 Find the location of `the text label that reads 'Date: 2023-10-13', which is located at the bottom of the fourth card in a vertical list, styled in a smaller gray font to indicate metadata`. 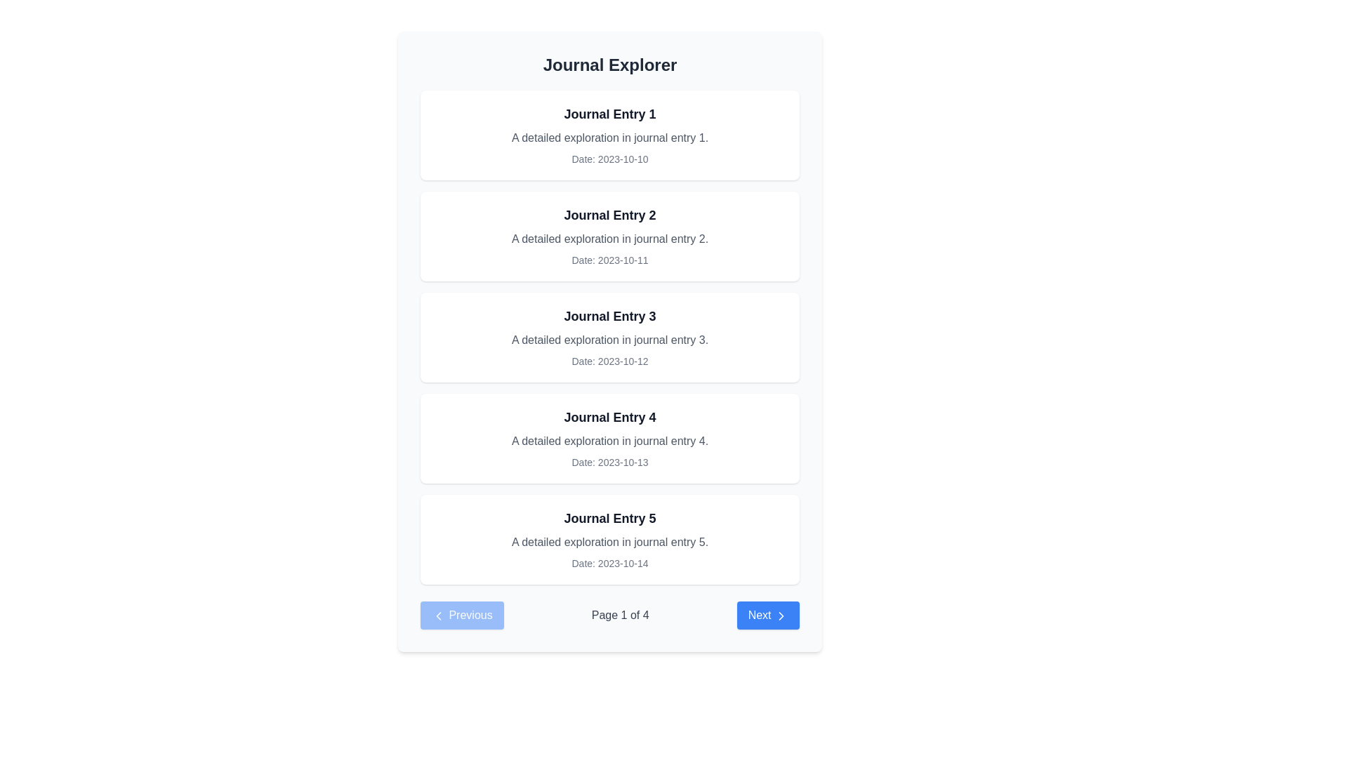

the text label that reads 'Date: 2023-10-13', which is located at the bottom of the fourth card in a vertical list, styled in a smaller gray font to indicate metadata is located at coordinates (609, 463).